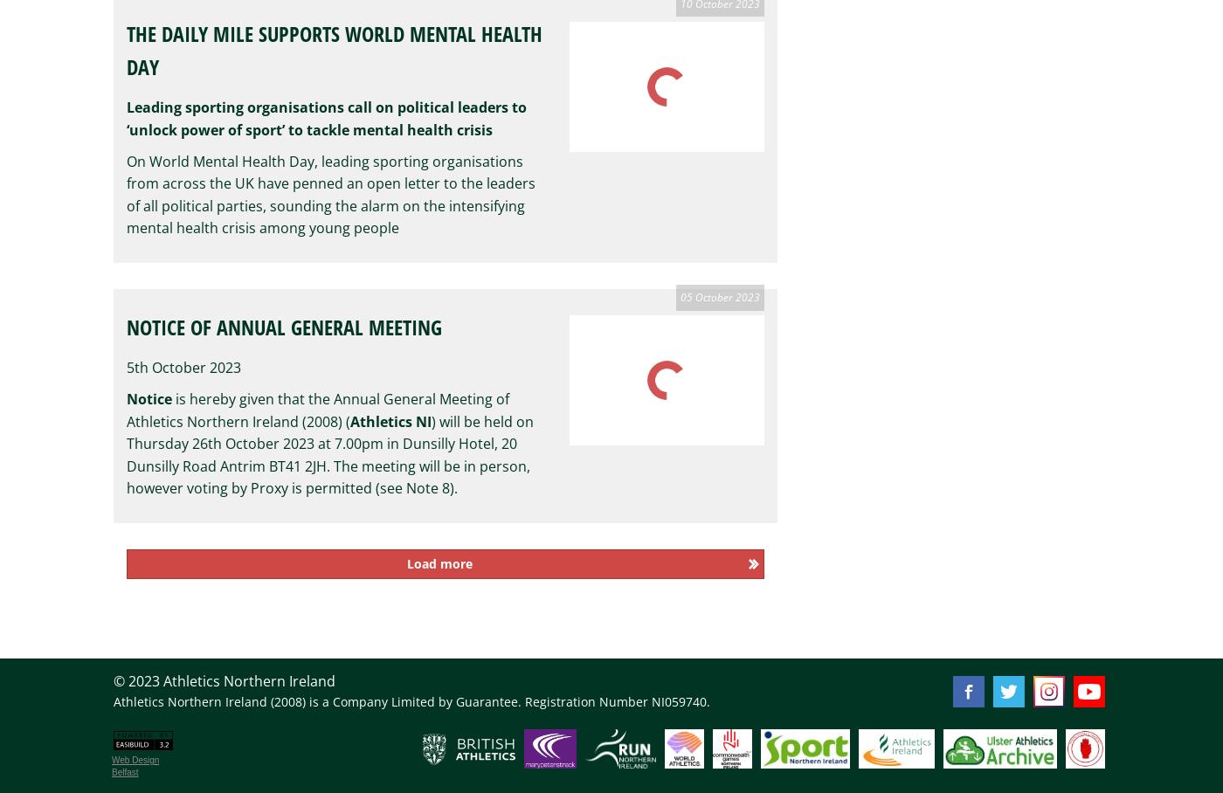  What do you see at coordinates (349, 419) in the screenshot?
I see `'Athletics NI'` at bounding box center [349, 419].